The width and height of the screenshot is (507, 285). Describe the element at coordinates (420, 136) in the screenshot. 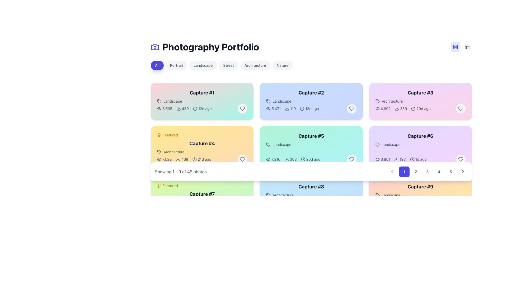

I see `text label displaying 'Capture #6' which is prominently visible on the card in the second row and third column of the grid layout` at that location.